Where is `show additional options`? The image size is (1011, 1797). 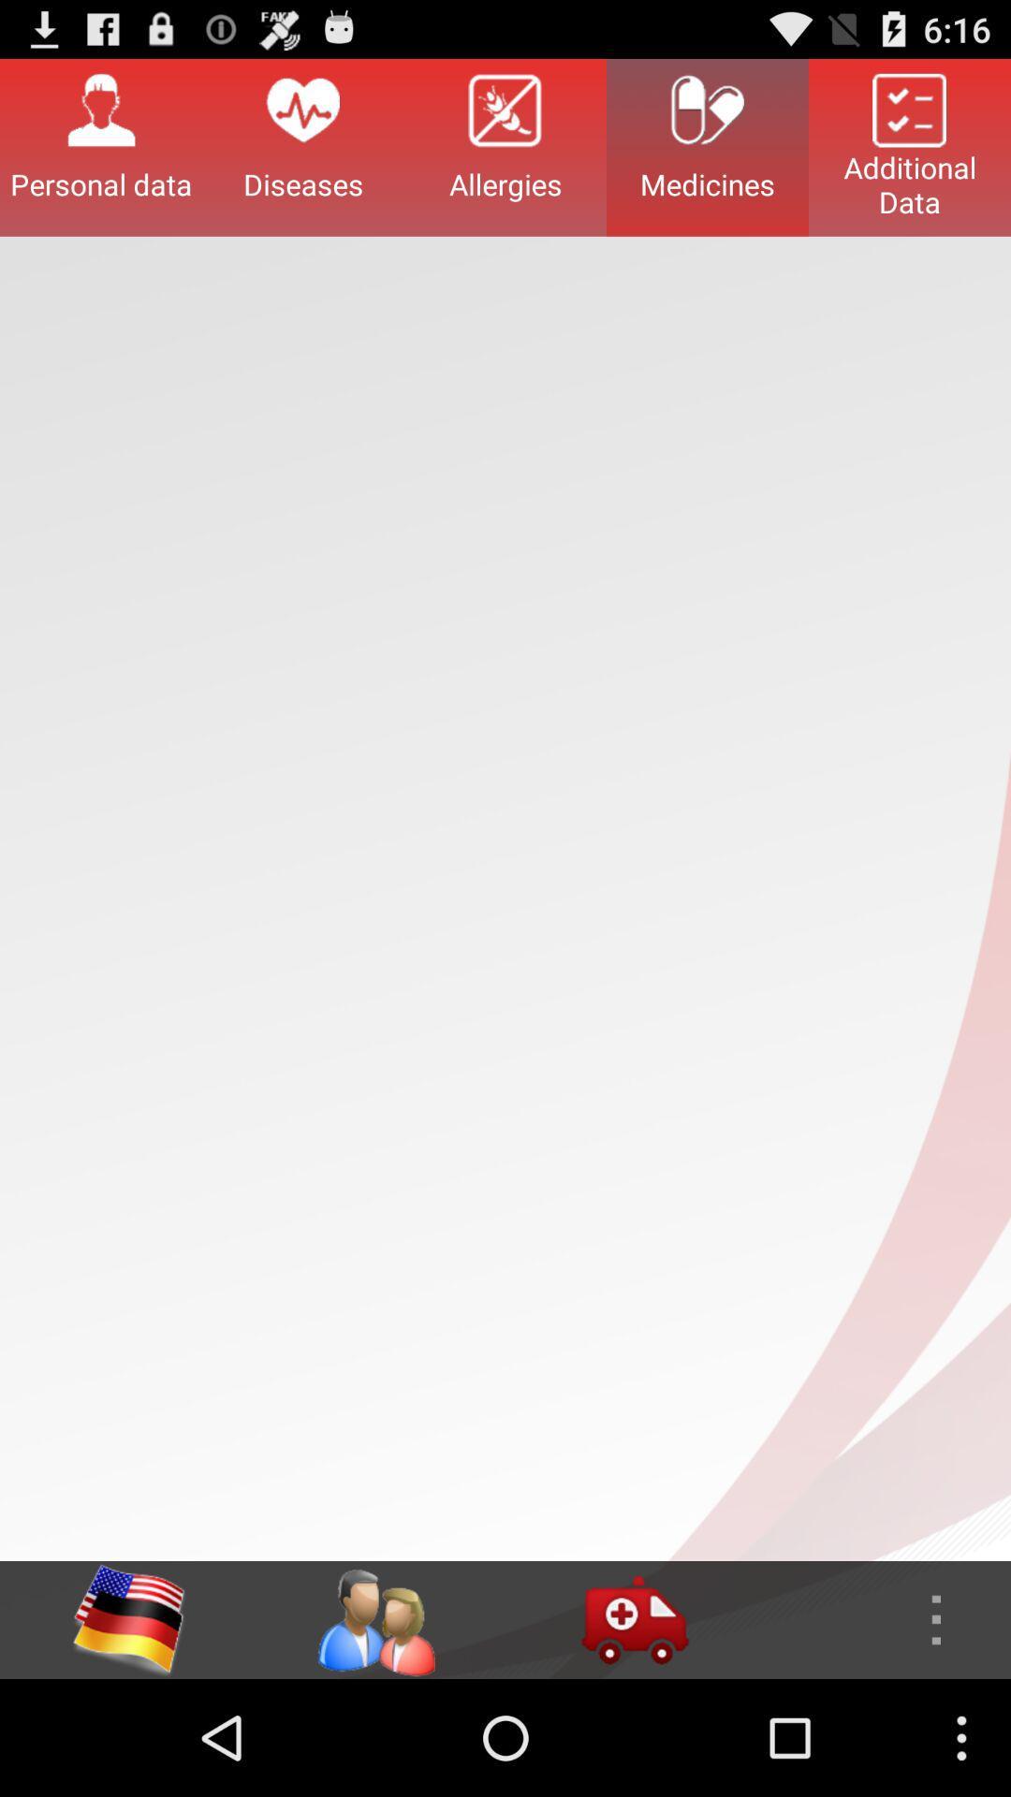
show additional options is located at coordinates (881, 1619).